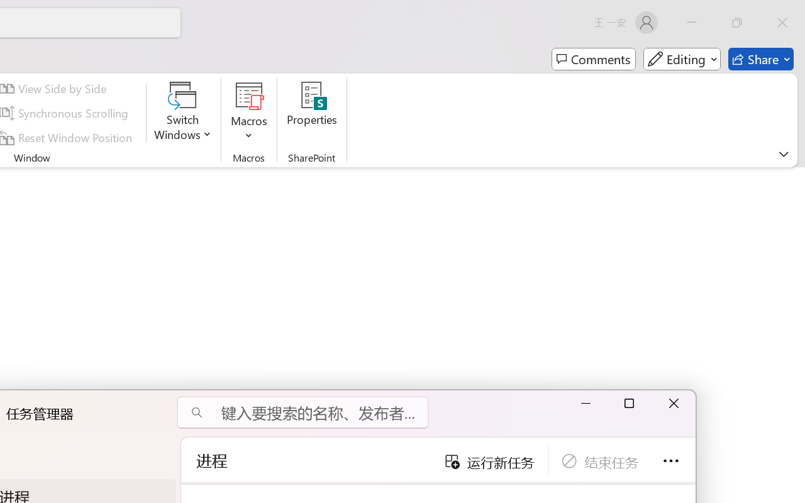 The image size is (805, 503). What do you see at coordinates (182, 113) in the screenshot?
I see `'Switch Windows'` at bounding box center [182, 113].